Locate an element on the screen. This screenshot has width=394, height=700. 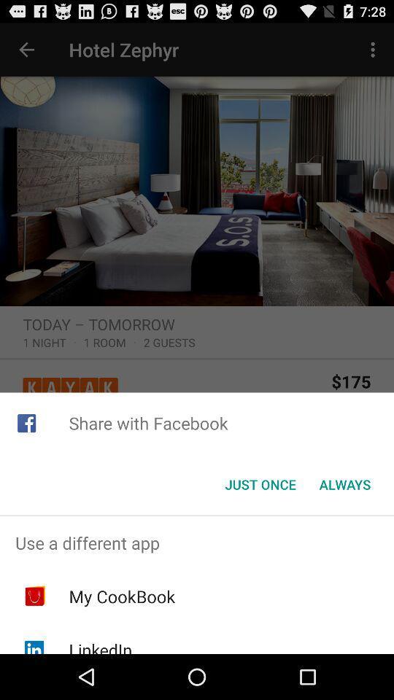
icon below the share with facebook app is located at coordinates (344, 484).